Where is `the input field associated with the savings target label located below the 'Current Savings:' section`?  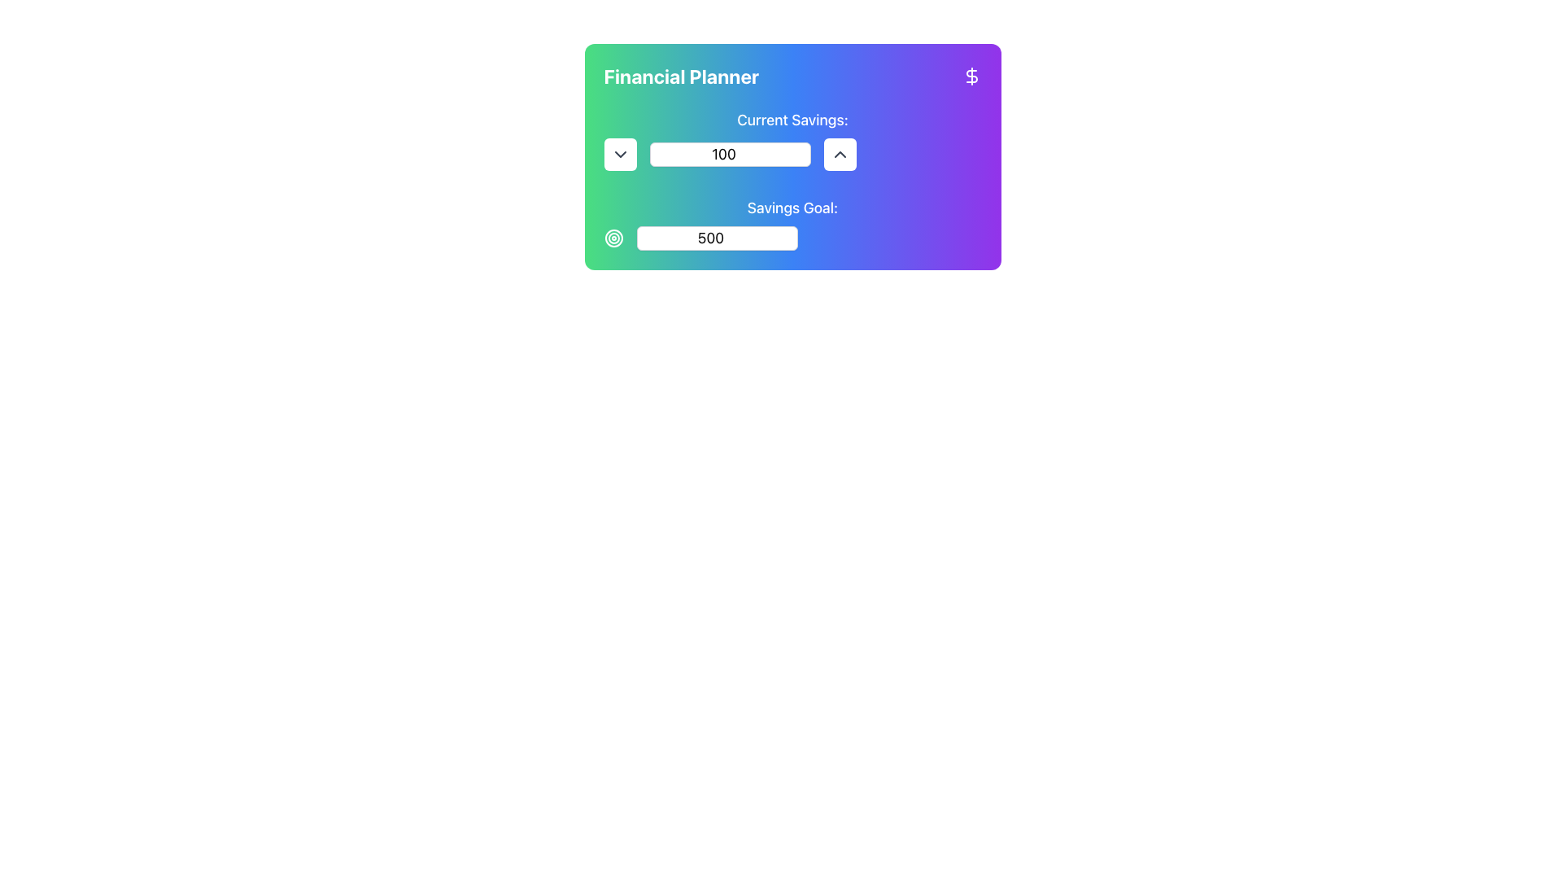 the input field associated with the savings target label located below the 'Current Savings:' section is located at coordinates (792, 223).